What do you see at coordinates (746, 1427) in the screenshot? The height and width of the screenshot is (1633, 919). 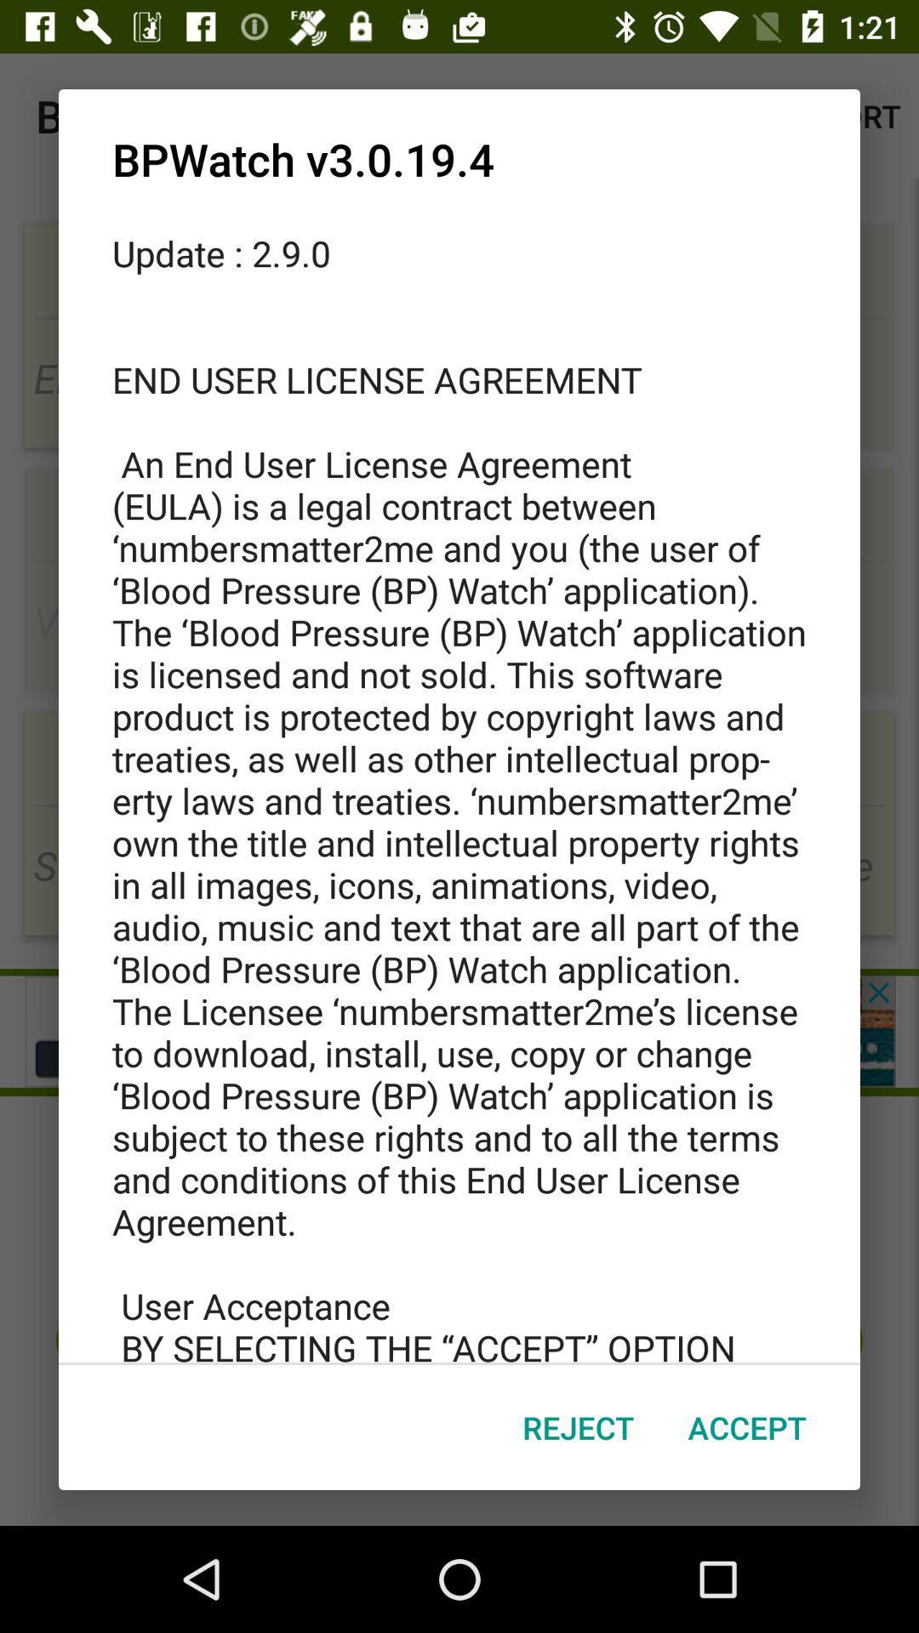 I see `icon next to the reject` at bounding box center [746, 1427].